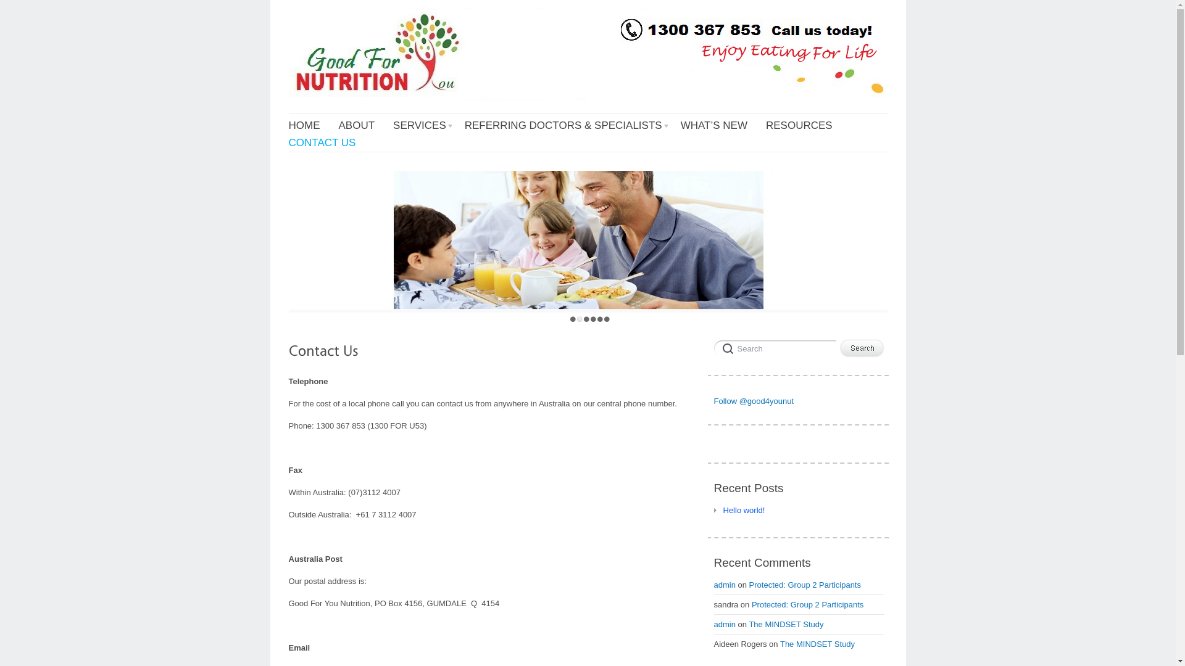  What do you see at coordinates (322, 142) in the screenshot?
I see `'CONTACT US'` at bounding box center [322, 142].